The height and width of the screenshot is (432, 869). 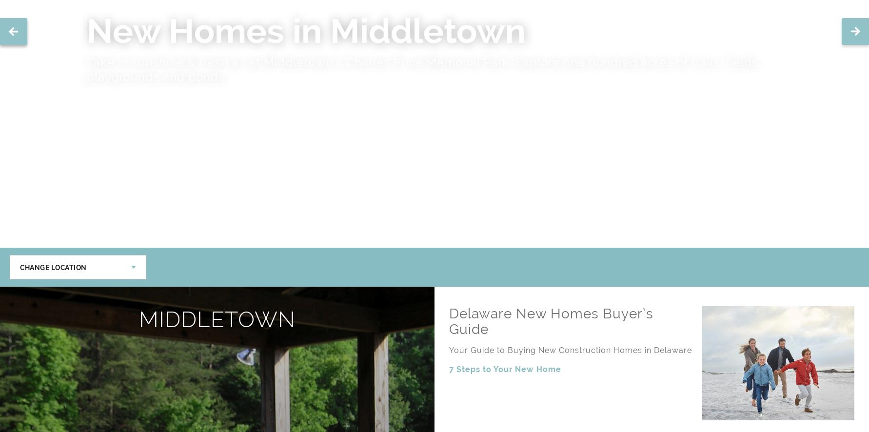 What do you see at coordinates (551, 321) in the screenshot?
I see `'Delaware New Homes Buyer’s Guide'` at bounding box center [551, 321].